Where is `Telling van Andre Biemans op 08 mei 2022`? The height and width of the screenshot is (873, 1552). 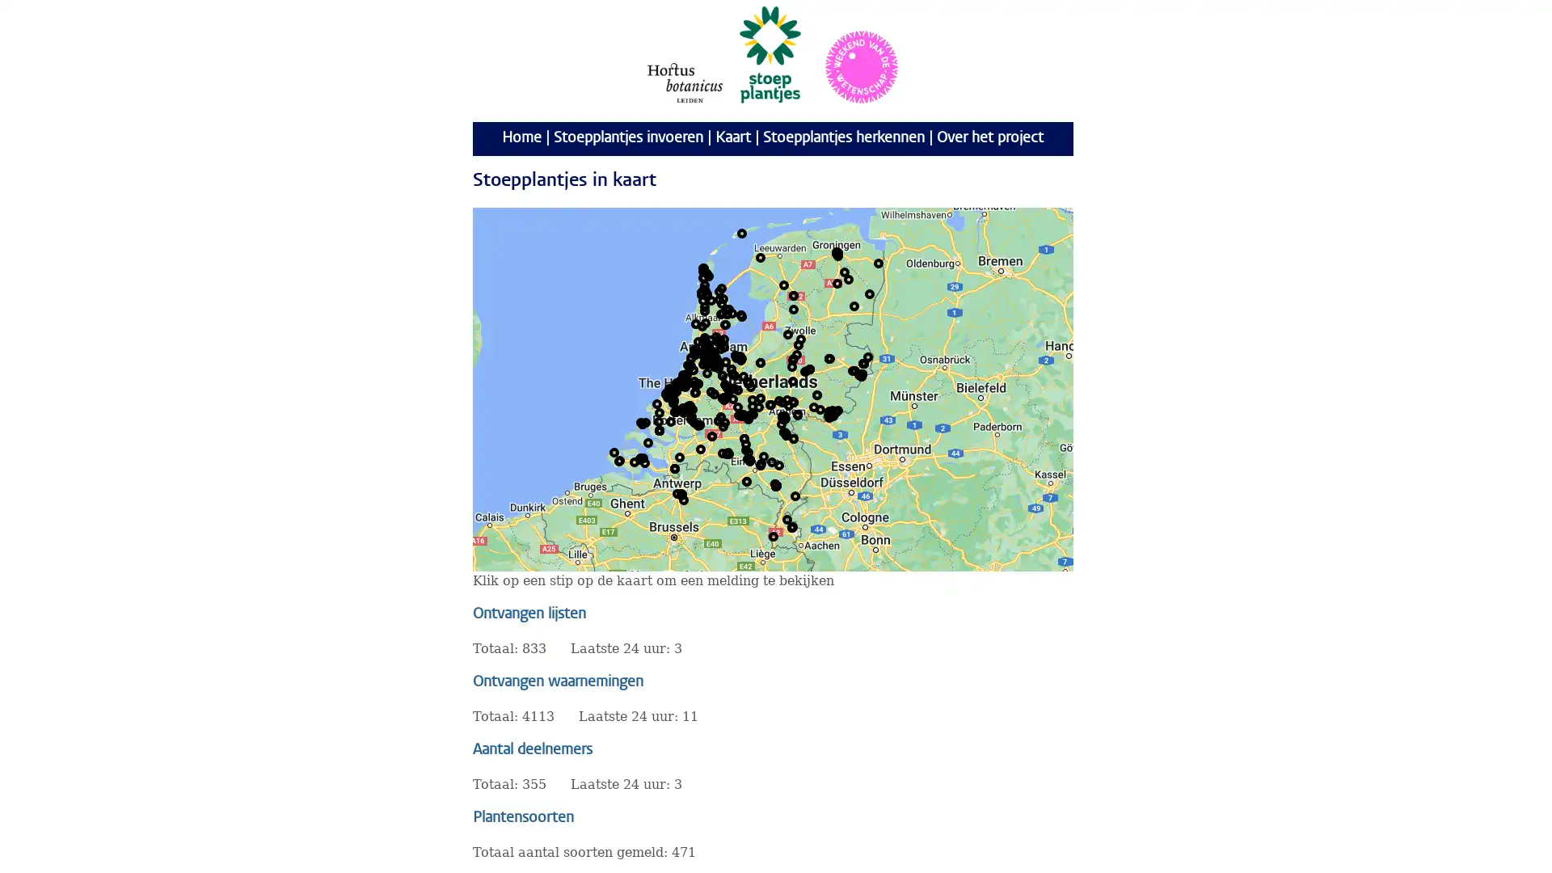
Telling van Andre Biemans op 08 mei 2022 is located at coordinates (682, 381).